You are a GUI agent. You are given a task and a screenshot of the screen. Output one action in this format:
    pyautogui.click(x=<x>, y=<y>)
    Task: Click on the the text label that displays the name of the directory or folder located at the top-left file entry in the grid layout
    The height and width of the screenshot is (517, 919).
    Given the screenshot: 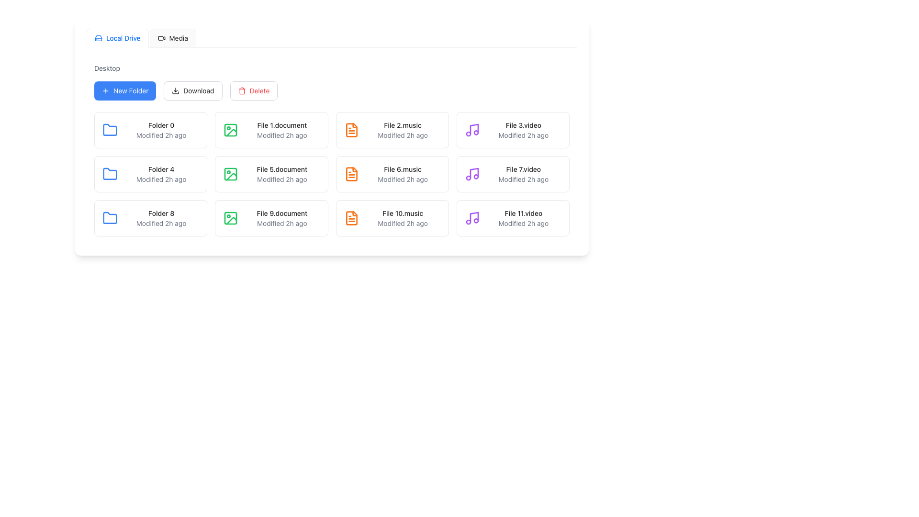 What is the action you would take?
    pyautogui.click(x=161, y=125)
    